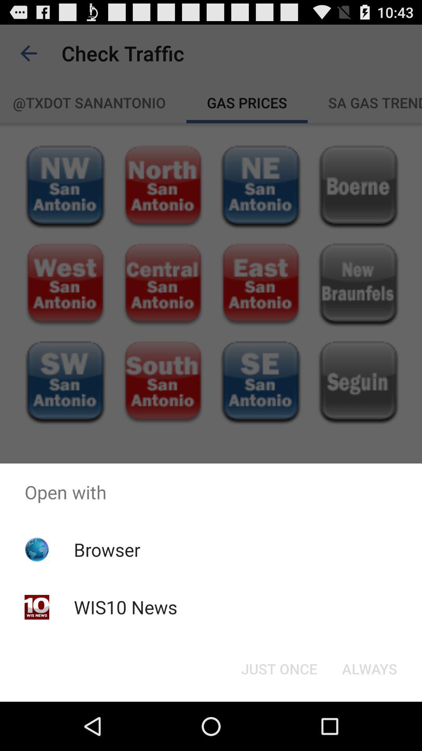 This screenshot has width=422, height=751. What do you see at coordinates (125, 607) in the screenshot?
I see `wis10 news app` at bounding box center [125, 607].